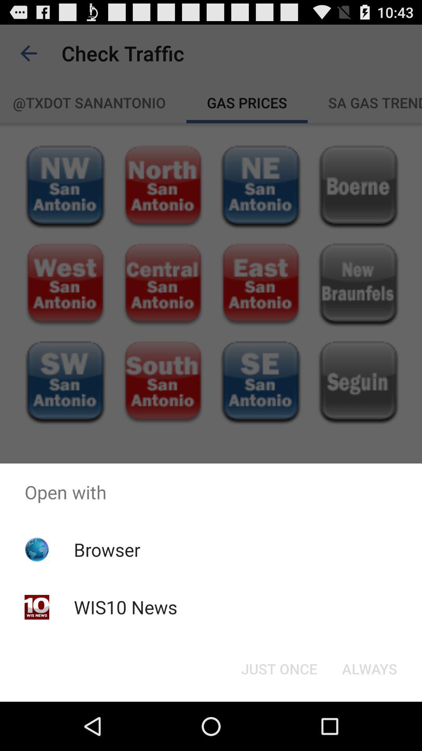 This screenshot has width=422, height=751. What do you see at coordinates (125, 607) in the screenshot?
I see `wis10 news app` at bounding box center [125, 607].